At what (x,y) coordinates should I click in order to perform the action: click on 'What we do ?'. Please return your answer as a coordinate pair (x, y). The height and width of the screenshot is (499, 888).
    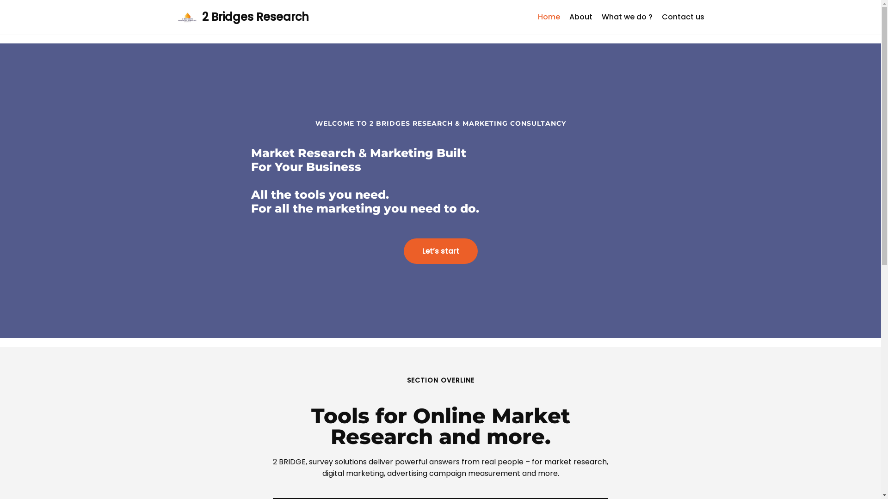
    Looking at the image, I should click on (626, 17).